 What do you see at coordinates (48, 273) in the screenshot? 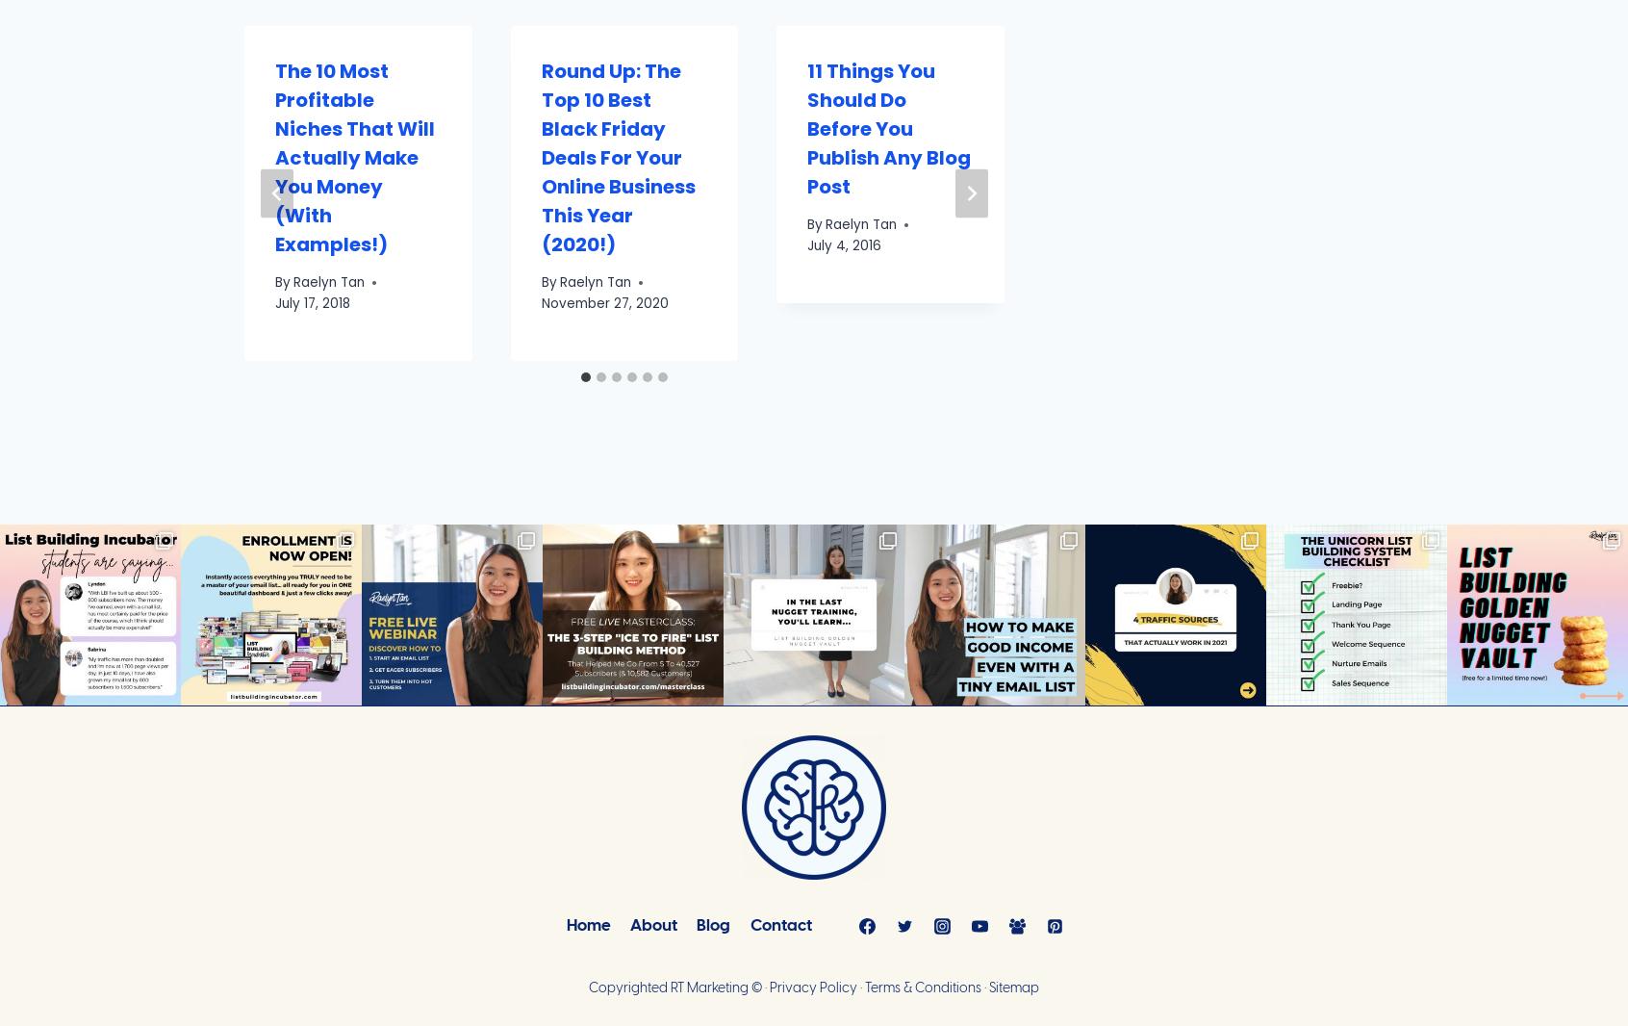
I see `'June 14, 2017'` at bounding box center [48, 273].